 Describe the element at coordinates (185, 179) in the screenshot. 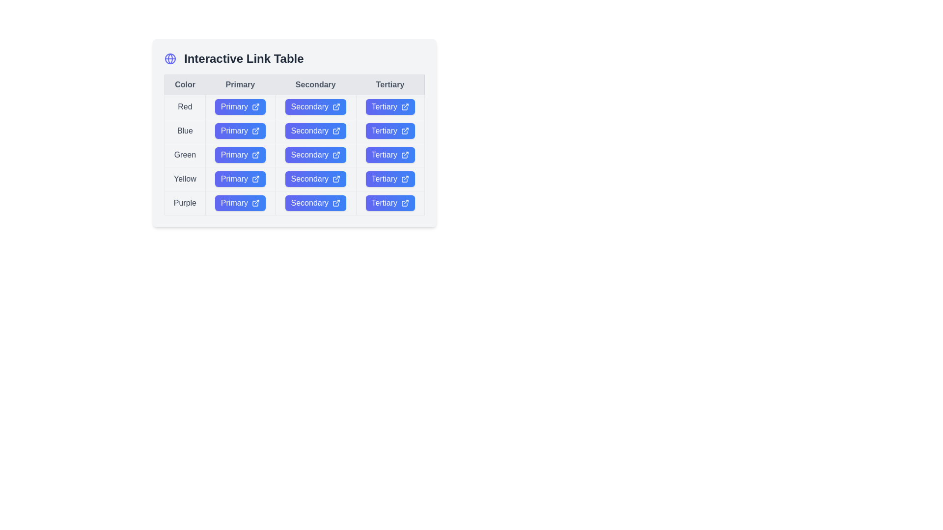

I see `the rectangular button labeled 'Yellow' with a white background and gray text, located in the fourth row under the 'Color' column` at that location.